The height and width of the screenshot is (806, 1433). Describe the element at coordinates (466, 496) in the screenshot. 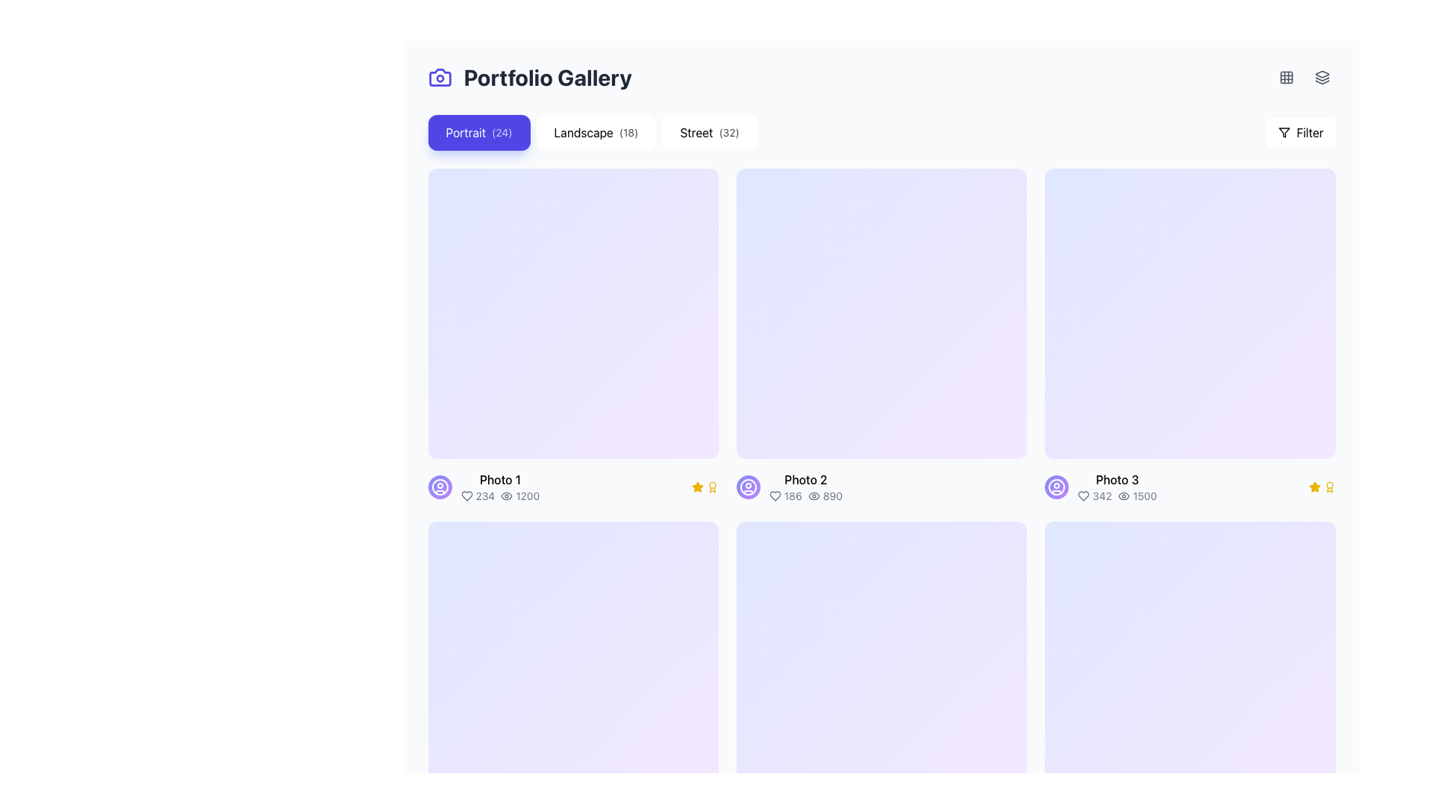

I see `the heart-shaped icon located in the 'Photo 1' section near the lower left corner under the image thumbnail to like or unlike` at that location.